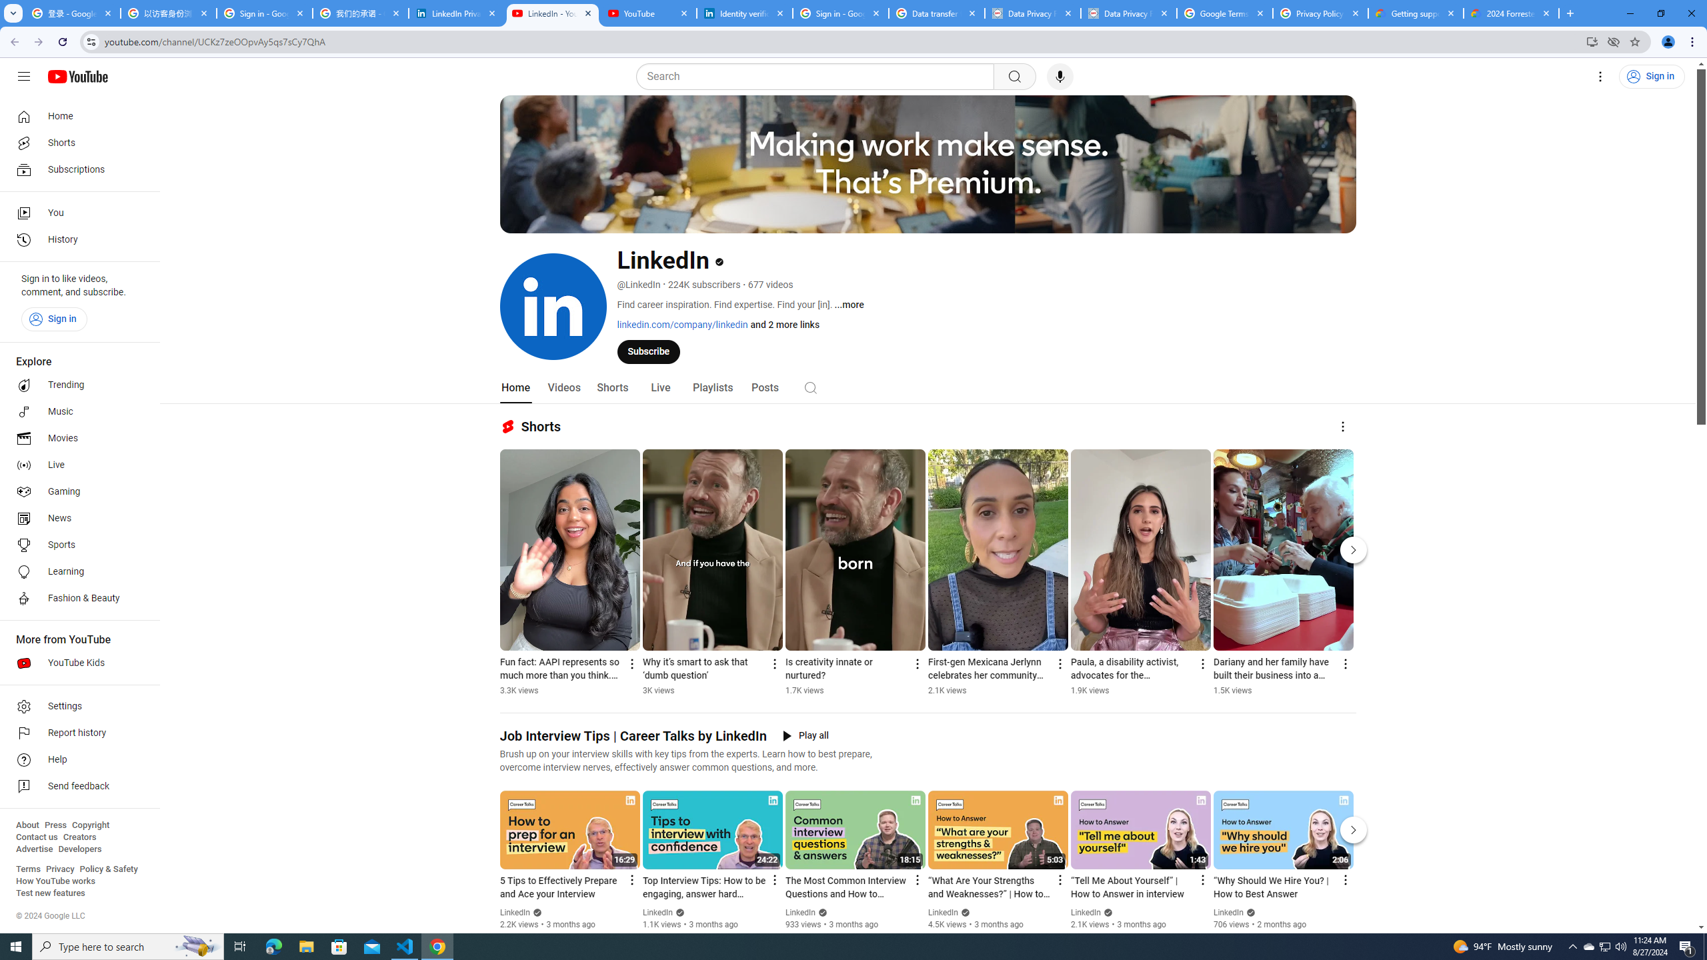 Image resolution: width=1707 pixels, height=960 pixels. I want to click on 'Advertise', so click(33, 848).